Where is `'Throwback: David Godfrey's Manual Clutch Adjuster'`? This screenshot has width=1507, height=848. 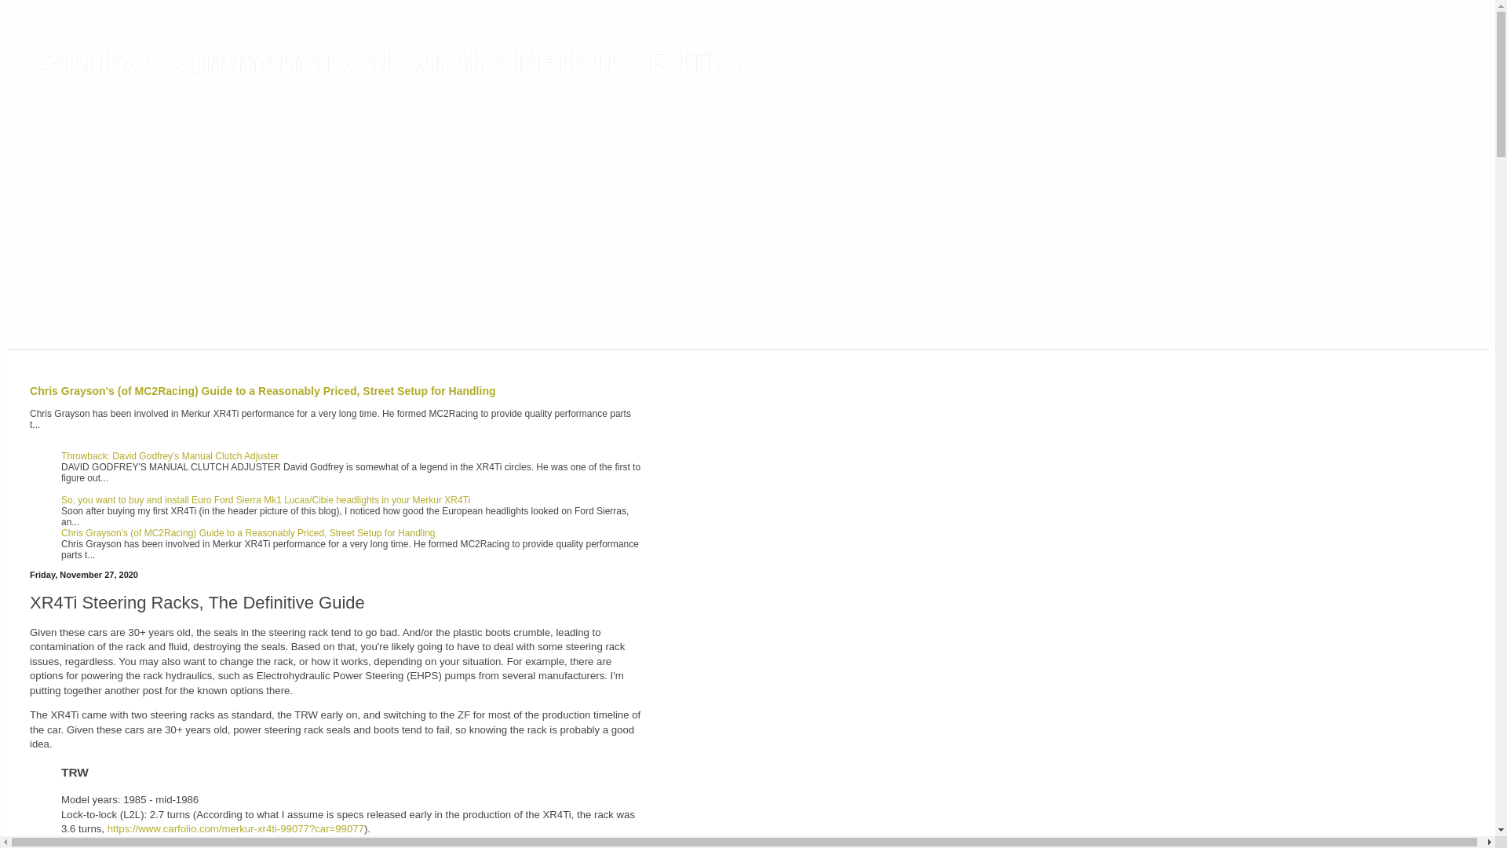 'Throwback: David Godfrey's Manual Clutch Adjuster' is located at coordinates (60, 456).